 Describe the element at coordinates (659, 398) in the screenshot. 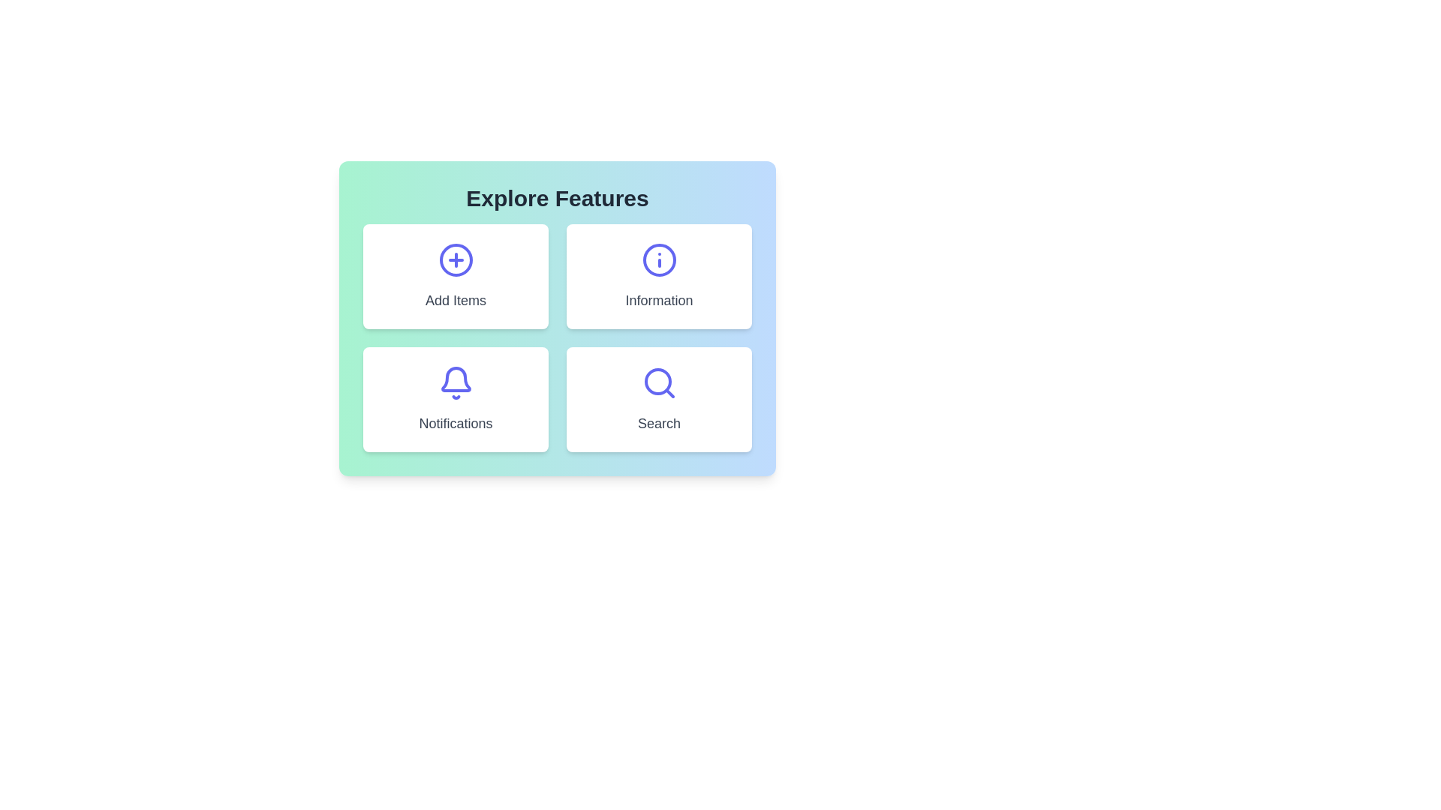

I see `the button located in the bottom-right corner of the four-card grid layout, adjacent to the 'Notifications' card, to initiate the search action` at that location.